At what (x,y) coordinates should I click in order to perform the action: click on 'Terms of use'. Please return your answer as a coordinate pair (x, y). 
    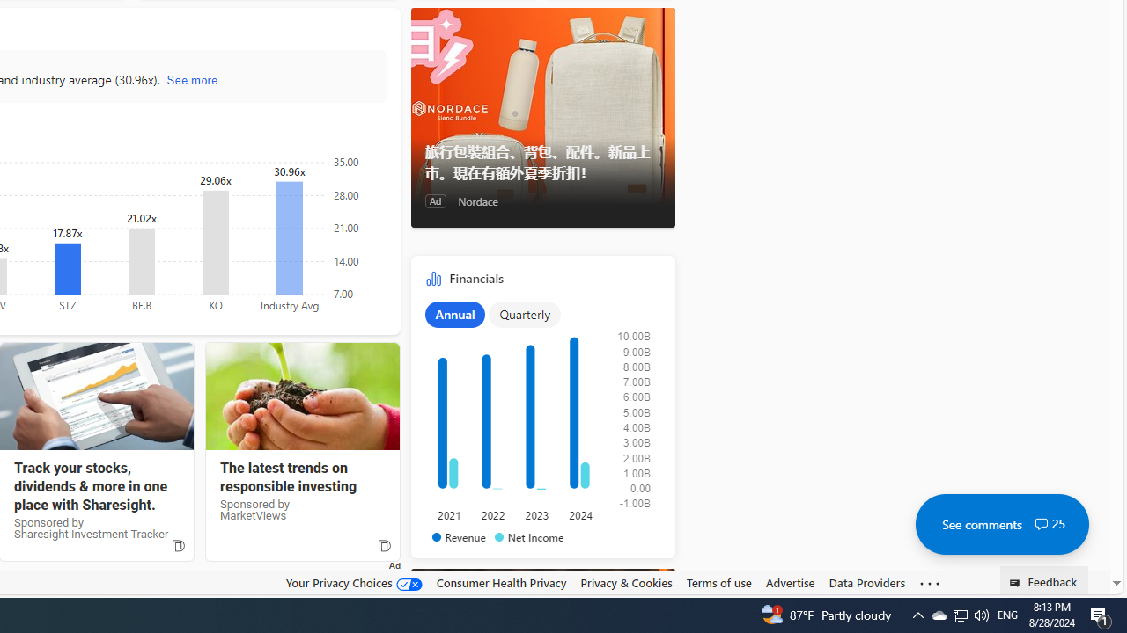
    Looking at the image, I should click on (718, 583).